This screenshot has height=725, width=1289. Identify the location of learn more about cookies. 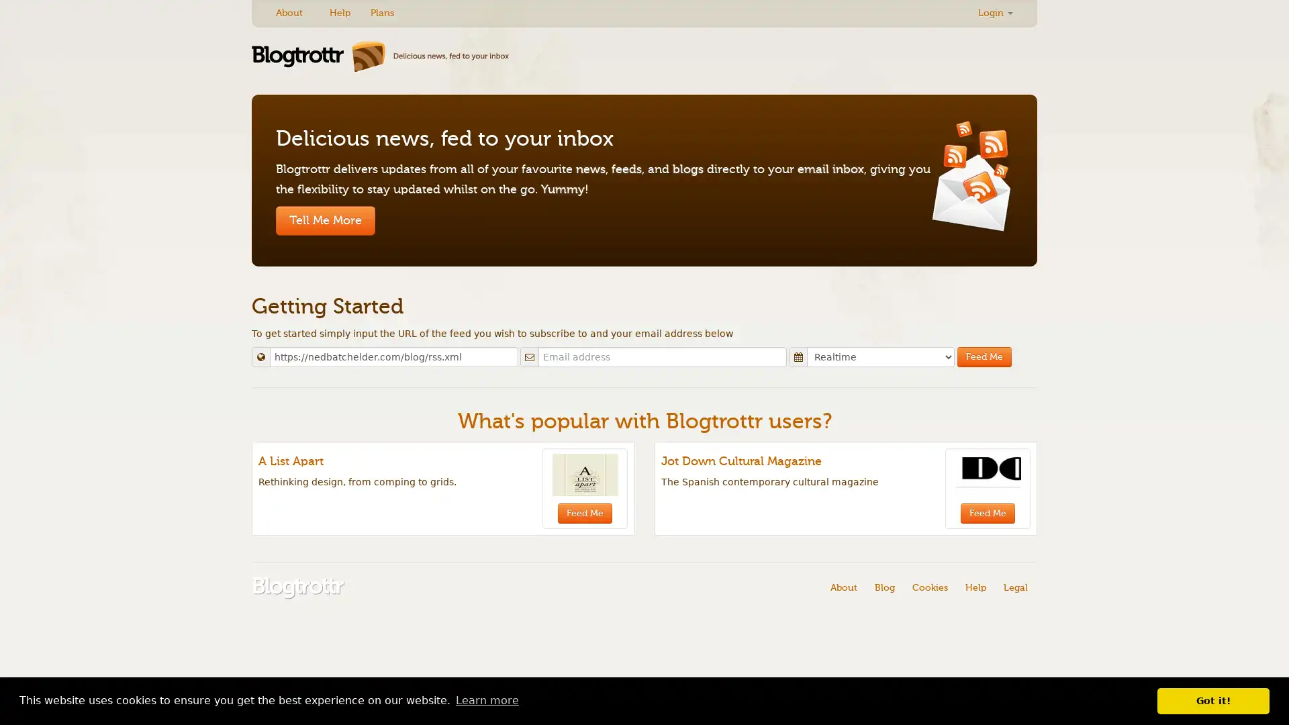
(486, 700).